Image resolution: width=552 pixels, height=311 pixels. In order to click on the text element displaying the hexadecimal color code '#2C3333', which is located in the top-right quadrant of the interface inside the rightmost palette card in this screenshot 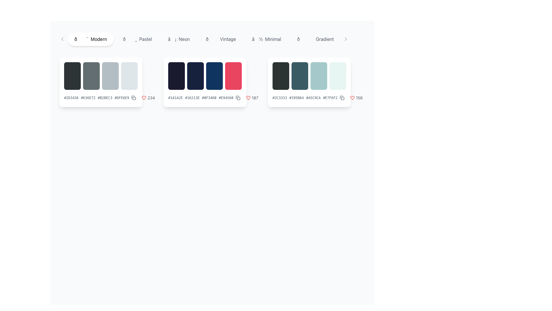, I will do `click(279, 97)`.